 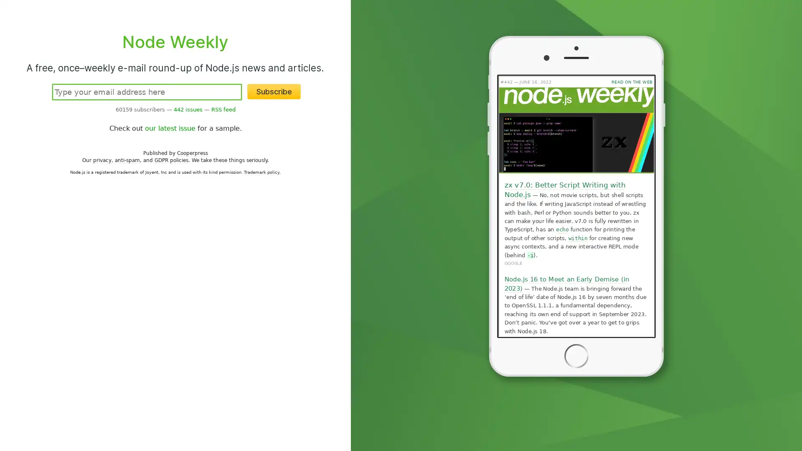 I want to click on Subscribe, so click(x=274, y=91).